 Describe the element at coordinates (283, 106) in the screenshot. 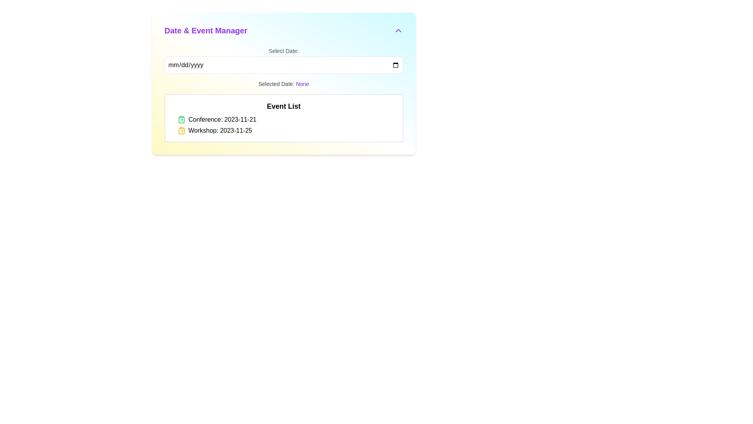

I see `the bold text label displaying 'Event List', which is styled prominently as a heading and located at the top portion of a white rectangular box` at that location.